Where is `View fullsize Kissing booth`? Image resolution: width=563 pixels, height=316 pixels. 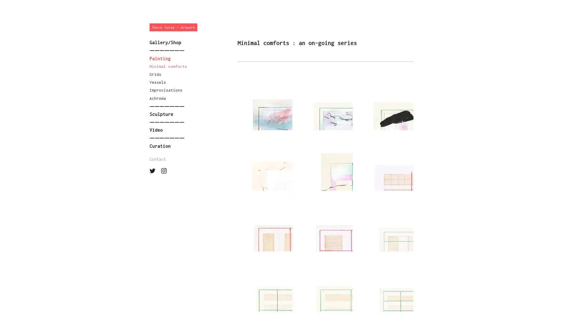 View fullsize Kissing booth is located at coordinates (325, 224).